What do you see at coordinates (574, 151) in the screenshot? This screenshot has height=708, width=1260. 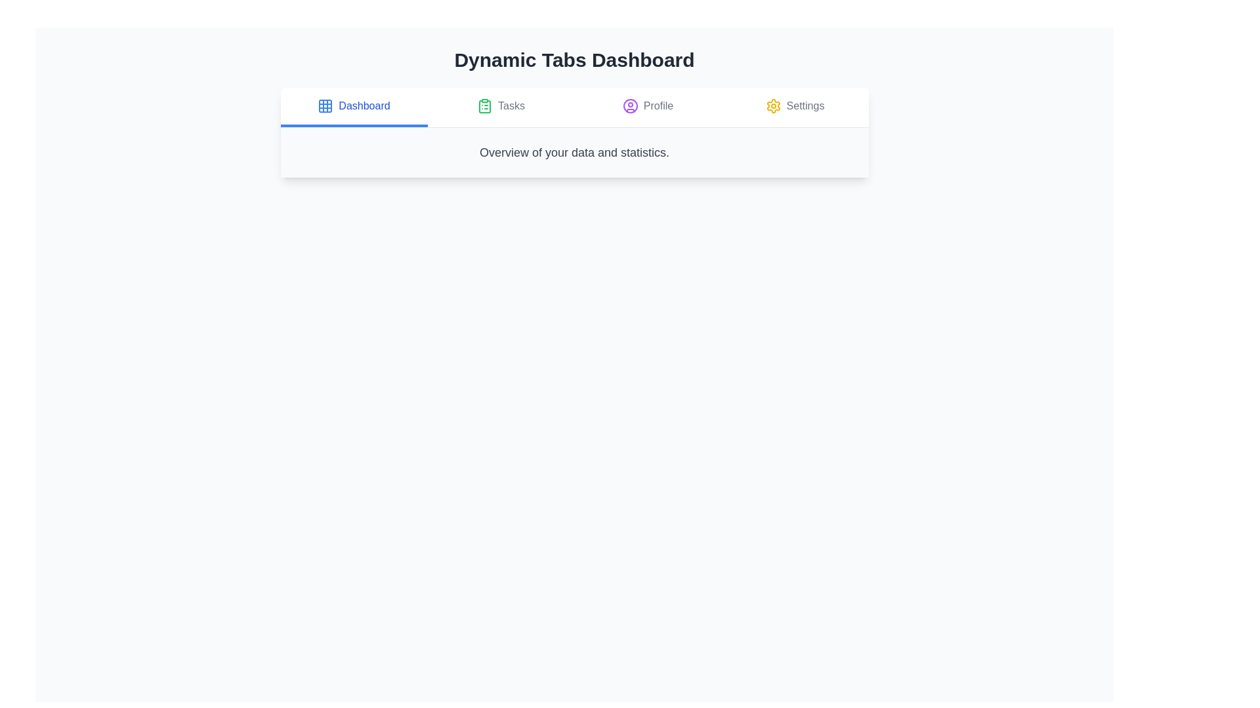 I see `the textual component styled with a light gray background and dark gray text, located directly beneath the tabbed menu interface` at bounding box center [574, 151].